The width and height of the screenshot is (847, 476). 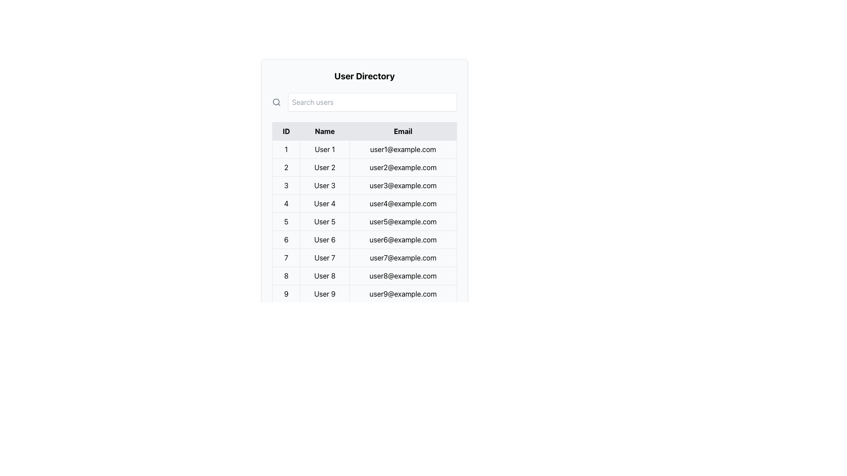 What do you see at coordinates (286, 131) in the screenshot?
I see `text of the table header cell that indicates the first column contains IDs` at bounding box center [286, 131].